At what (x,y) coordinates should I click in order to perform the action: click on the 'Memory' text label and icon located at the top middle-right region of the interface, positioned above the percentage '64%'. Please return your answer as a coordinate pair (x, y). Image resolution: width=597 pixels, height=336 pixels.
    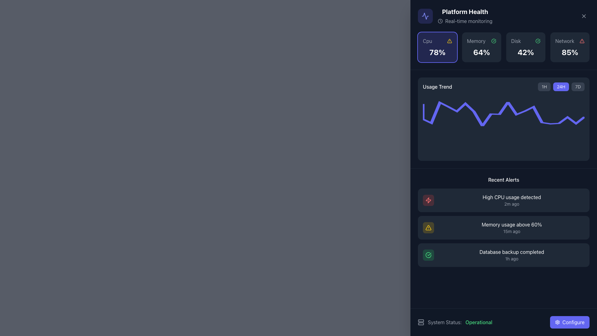
    Looking at the image, I should click on (481, 41).